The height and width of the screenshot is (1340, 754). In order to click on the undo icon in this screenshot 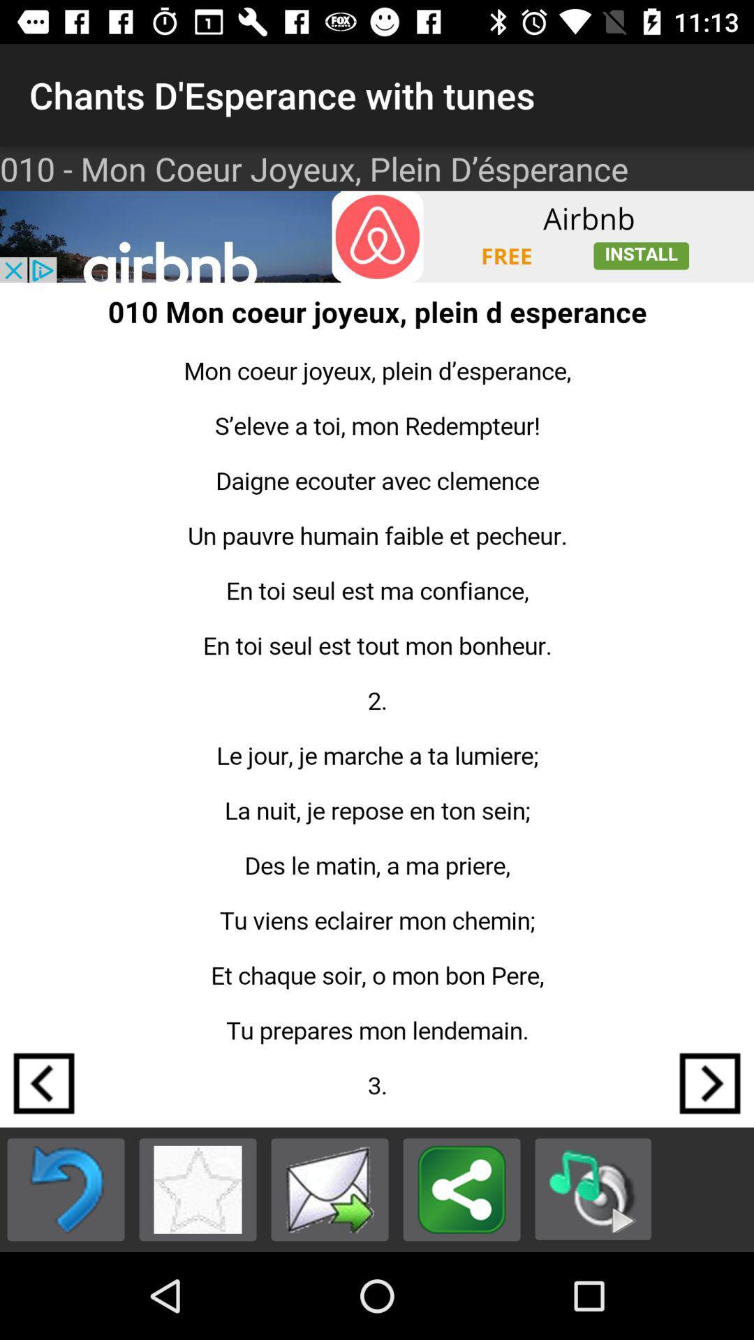, I will do `click(66, 1189)`.